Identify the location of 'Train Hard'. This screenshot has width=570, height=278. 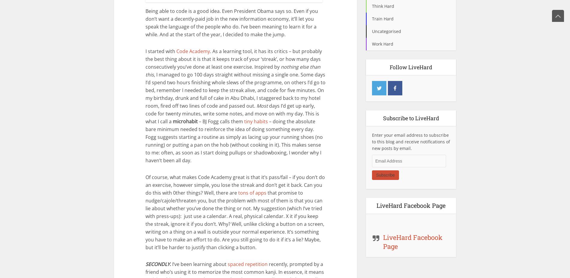
(371, 18).